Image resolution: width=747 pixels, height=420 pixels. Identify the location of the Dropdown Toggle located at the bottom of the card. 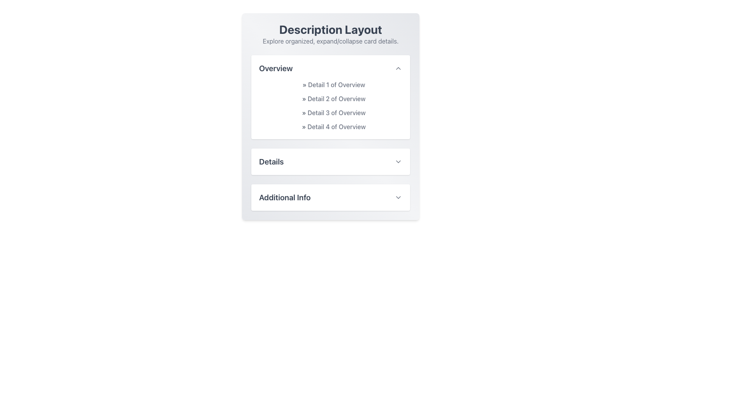
(330, 197).